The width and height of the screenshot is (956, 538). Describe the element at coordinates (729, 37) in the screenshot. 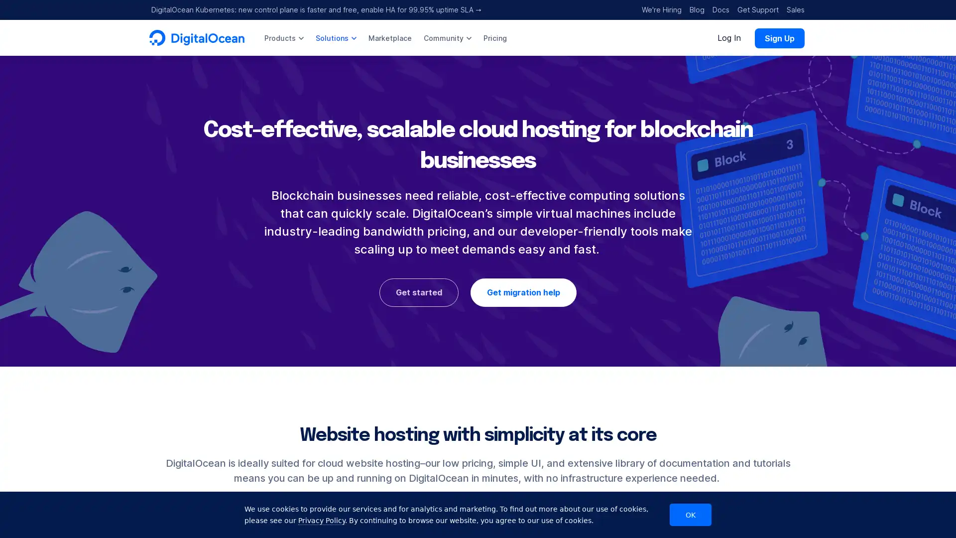

I see `Log In` at that location.